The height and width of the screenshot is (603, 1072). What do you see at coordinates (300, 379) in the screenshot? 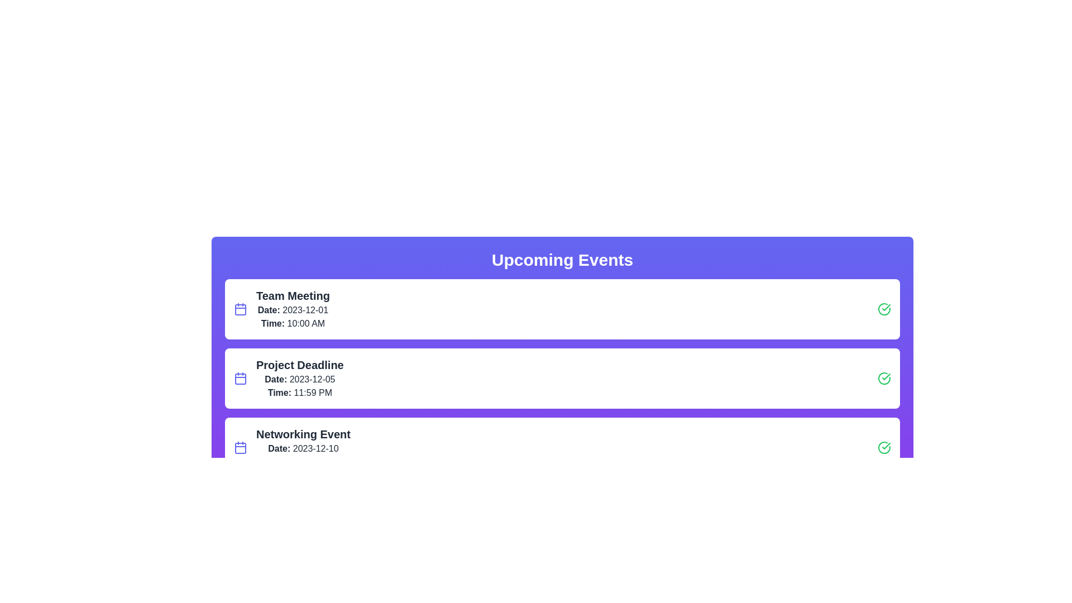
I see `the 'Date: 2023-12-05' text label in the second event card titled 'Project Deadline'` at bounding box center [300, 379].